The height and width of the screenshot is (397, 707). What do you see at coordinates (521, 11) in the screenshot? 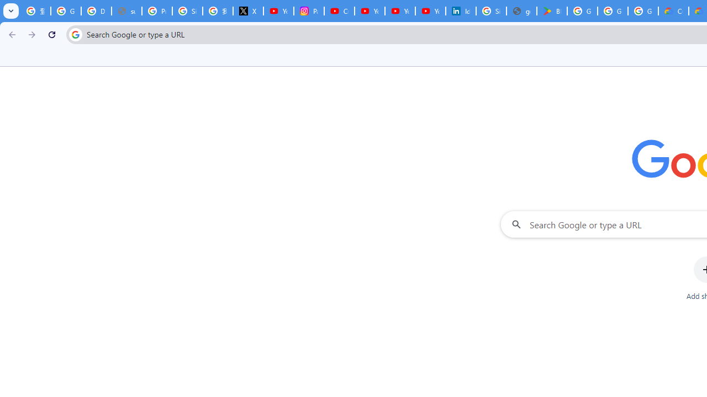
I see `'google_privacy_policy_en.pdf'` at bounding box center [521, 11].